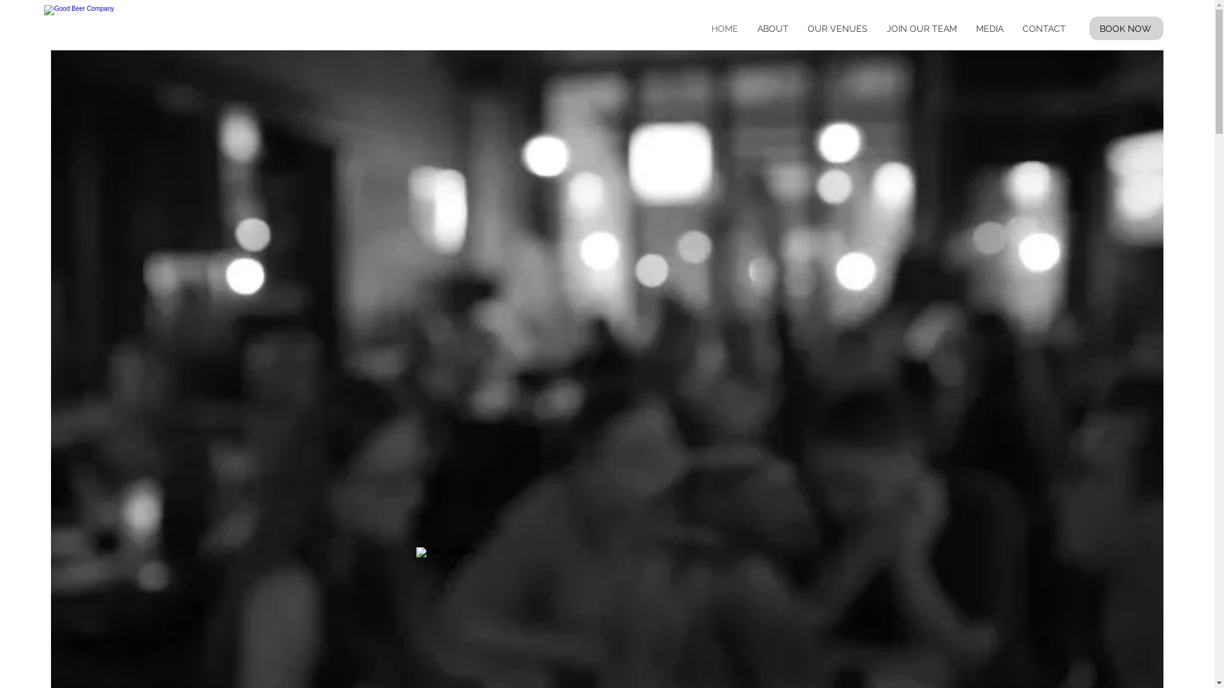  What do you see at coordinates (1012, 29) in the screenshot?
I see `'CONTACT'` at bounding box center [1012, 29].